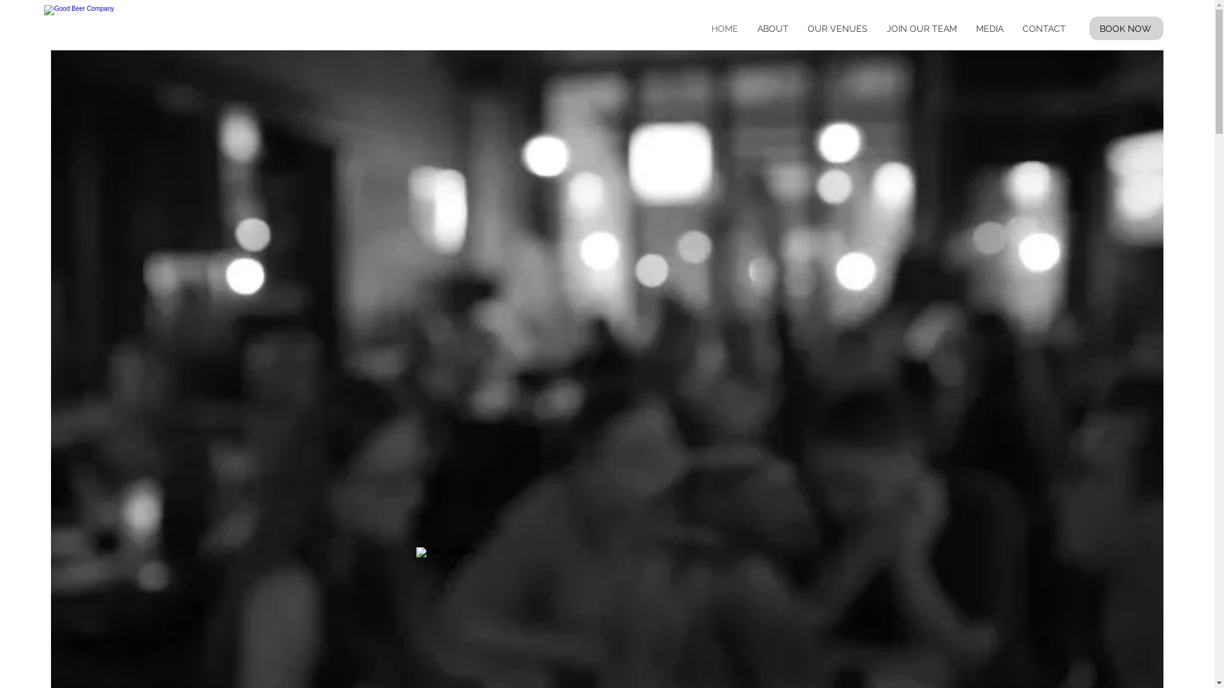  What do you see at coordinates (1012, 29) in the screenshot?
I see `'CONTACT'` at bounding box center [1012, 29].